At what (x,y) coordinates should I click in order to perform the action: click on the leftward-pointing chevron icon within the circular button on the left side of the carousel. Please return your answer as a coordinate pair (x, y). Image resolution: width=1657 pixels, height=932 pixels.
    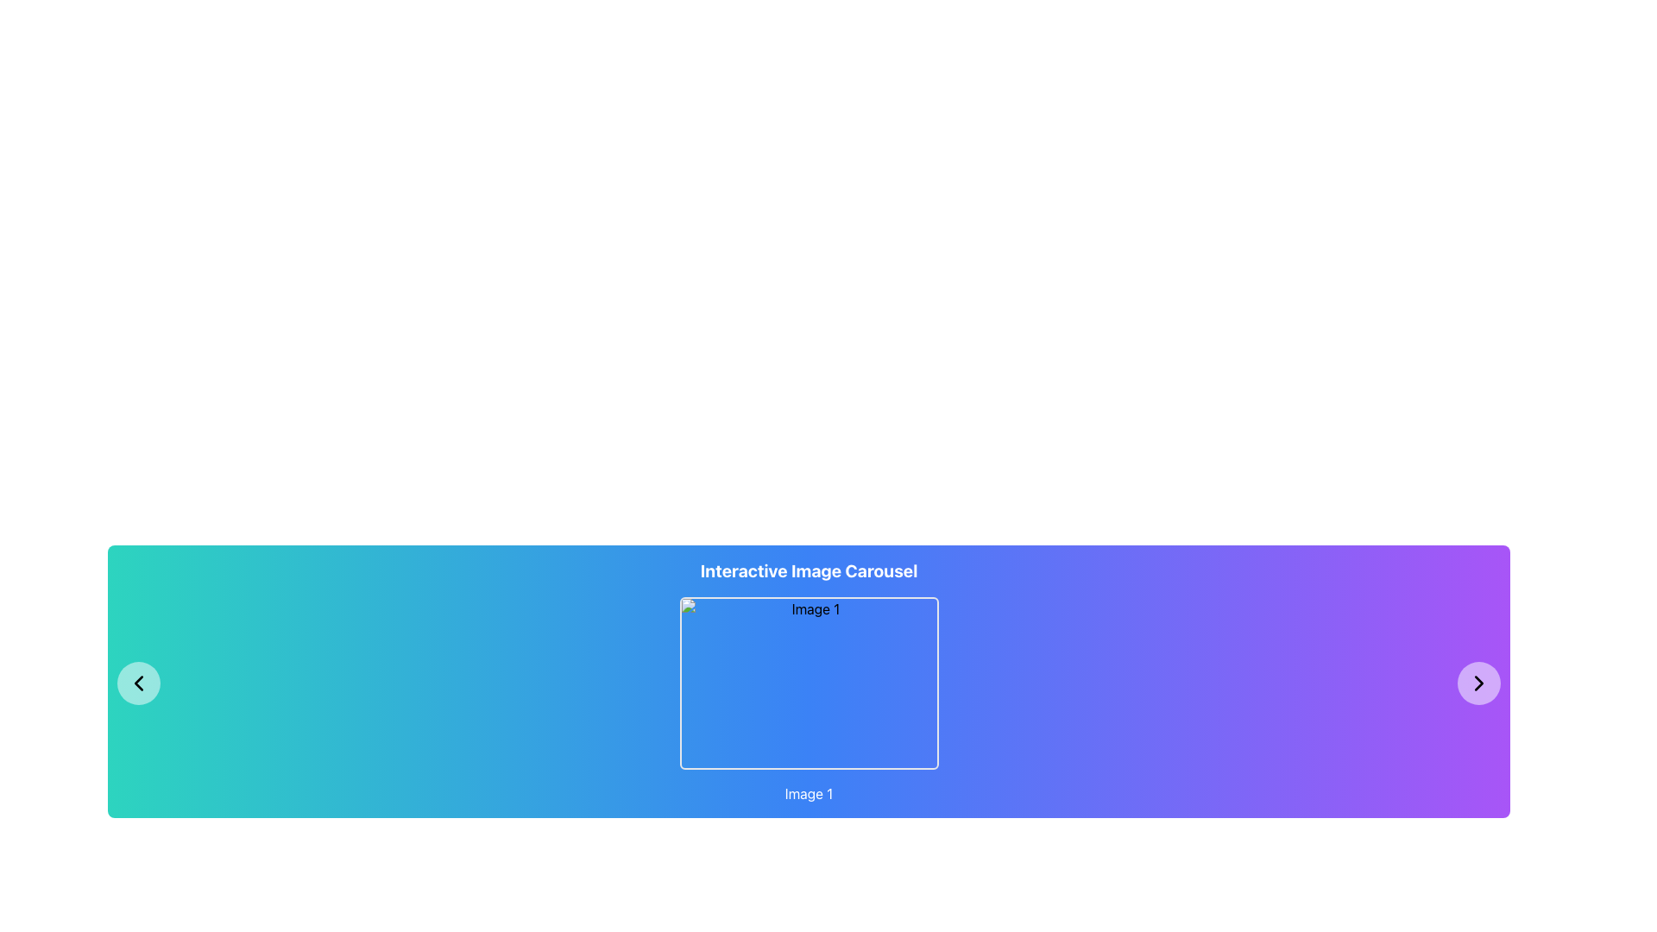
    Looking at the image, I should click on (139, 682).